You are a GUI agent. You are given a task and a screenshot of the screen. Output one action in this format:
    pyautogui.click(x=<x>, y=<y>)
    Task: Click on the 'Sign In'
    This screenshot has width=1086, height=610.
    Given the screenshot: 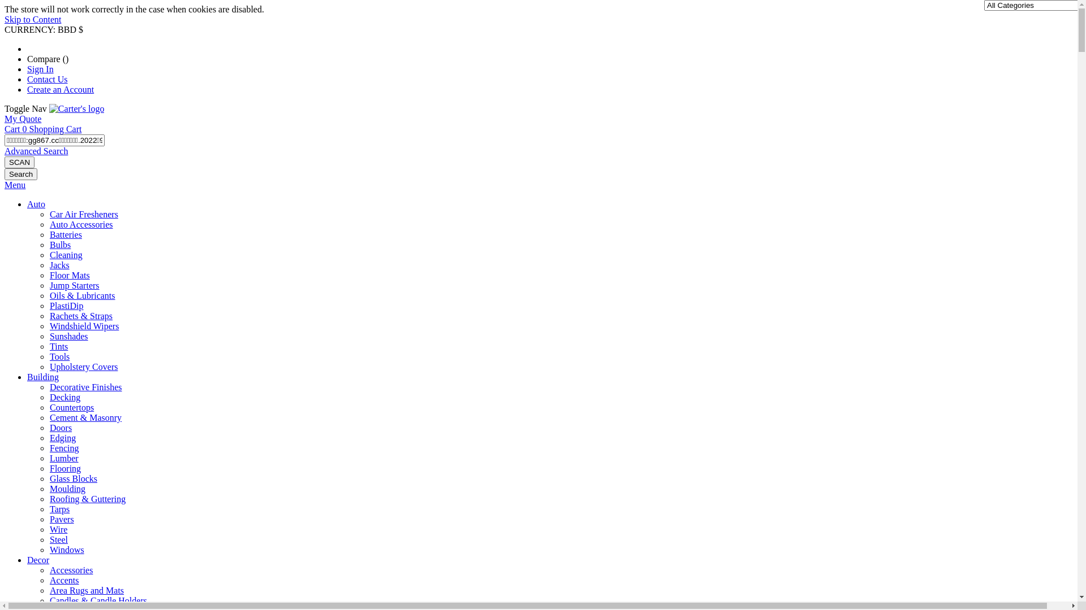 What is the action you would take?
    pyautogui.click(x=40, y=69)
    